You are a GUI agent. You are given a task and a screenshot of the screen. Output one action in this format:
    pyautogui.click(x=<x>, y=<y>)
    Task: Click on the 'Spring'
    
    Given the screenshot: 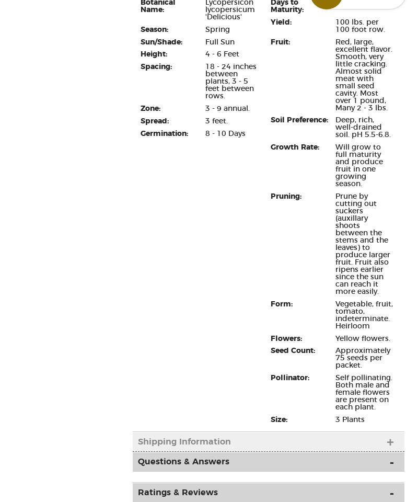 What is the action you would take?
    pyautogui.click(x=217, y=28)
    